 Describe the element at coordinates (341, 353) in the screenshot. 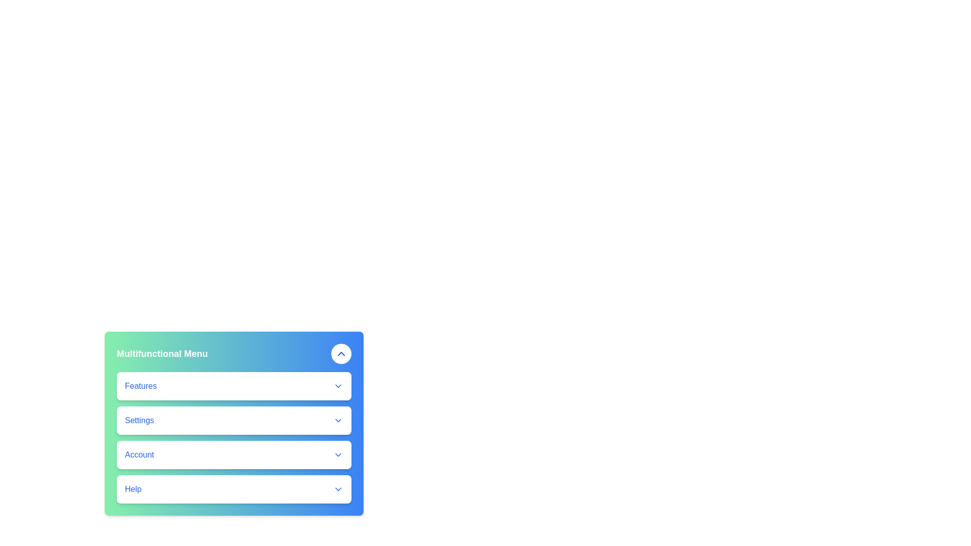

I see `the button located at the top-right corner of the 'Multifunctional Menu'` at that location.